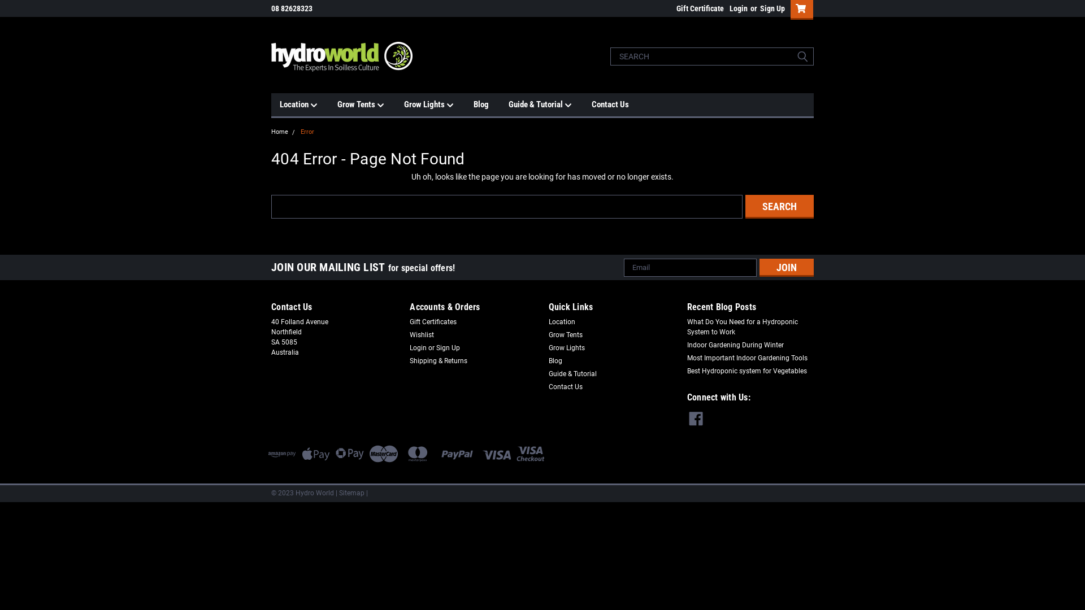  Describe the element at coordinates (351, 492) in the screenshot. I see `'Sitemap'` at that location.